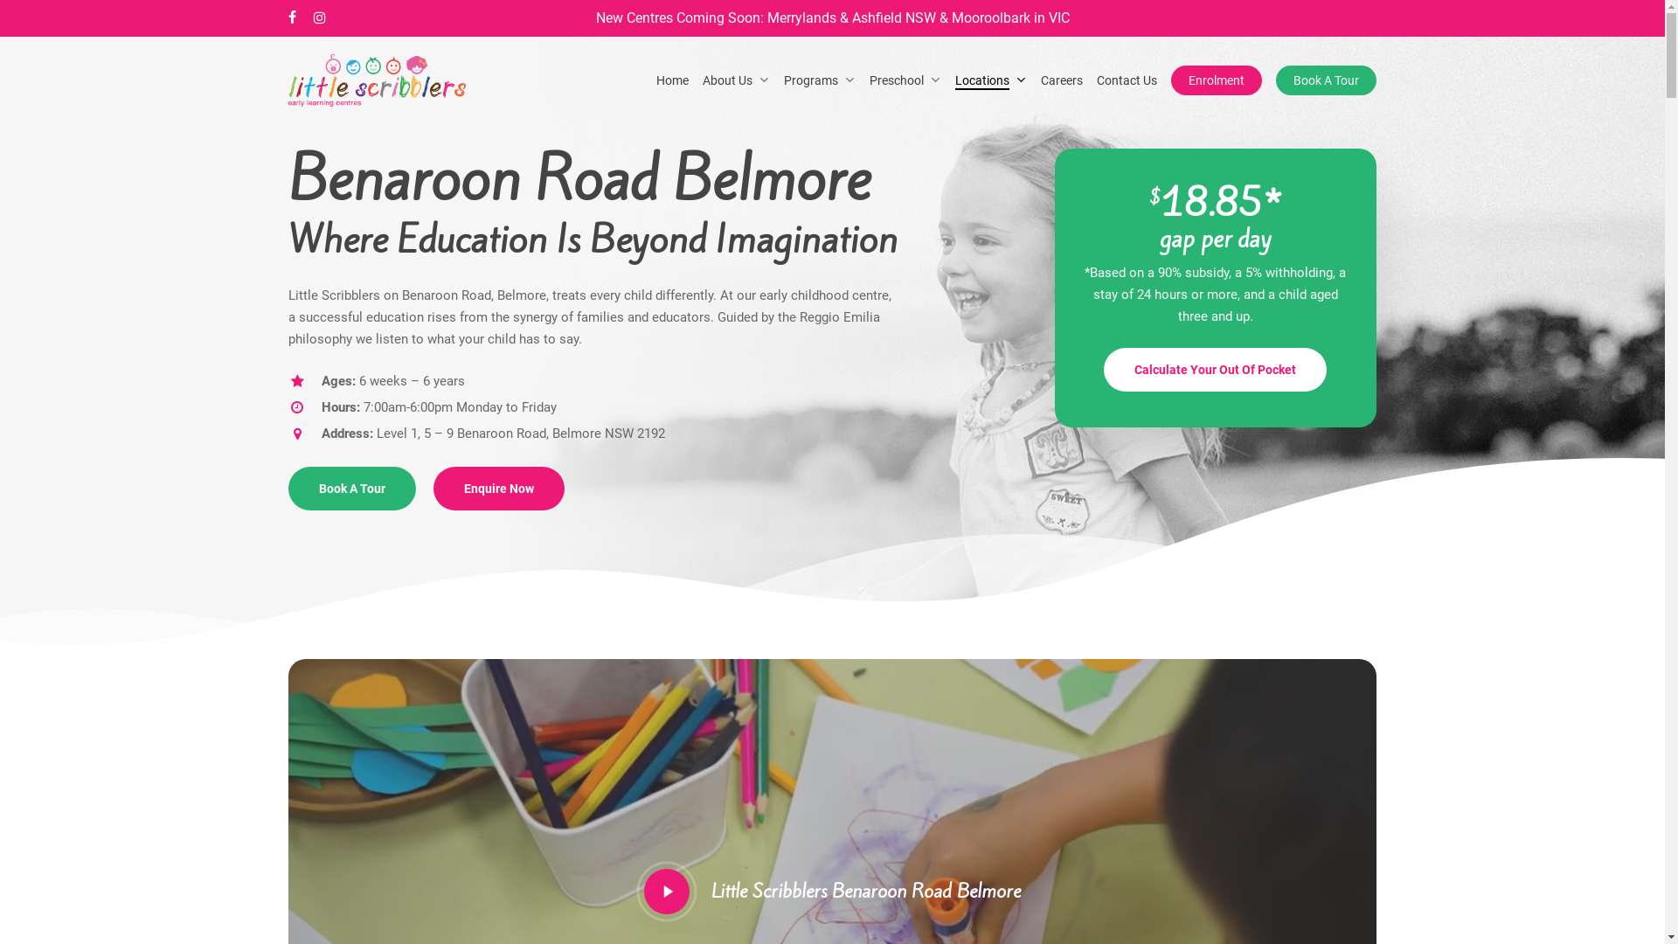  Describe the element at coordinates (1214, 369) in the screenshot. I see `'Calculate Your Out Of Pocket'` at that location.